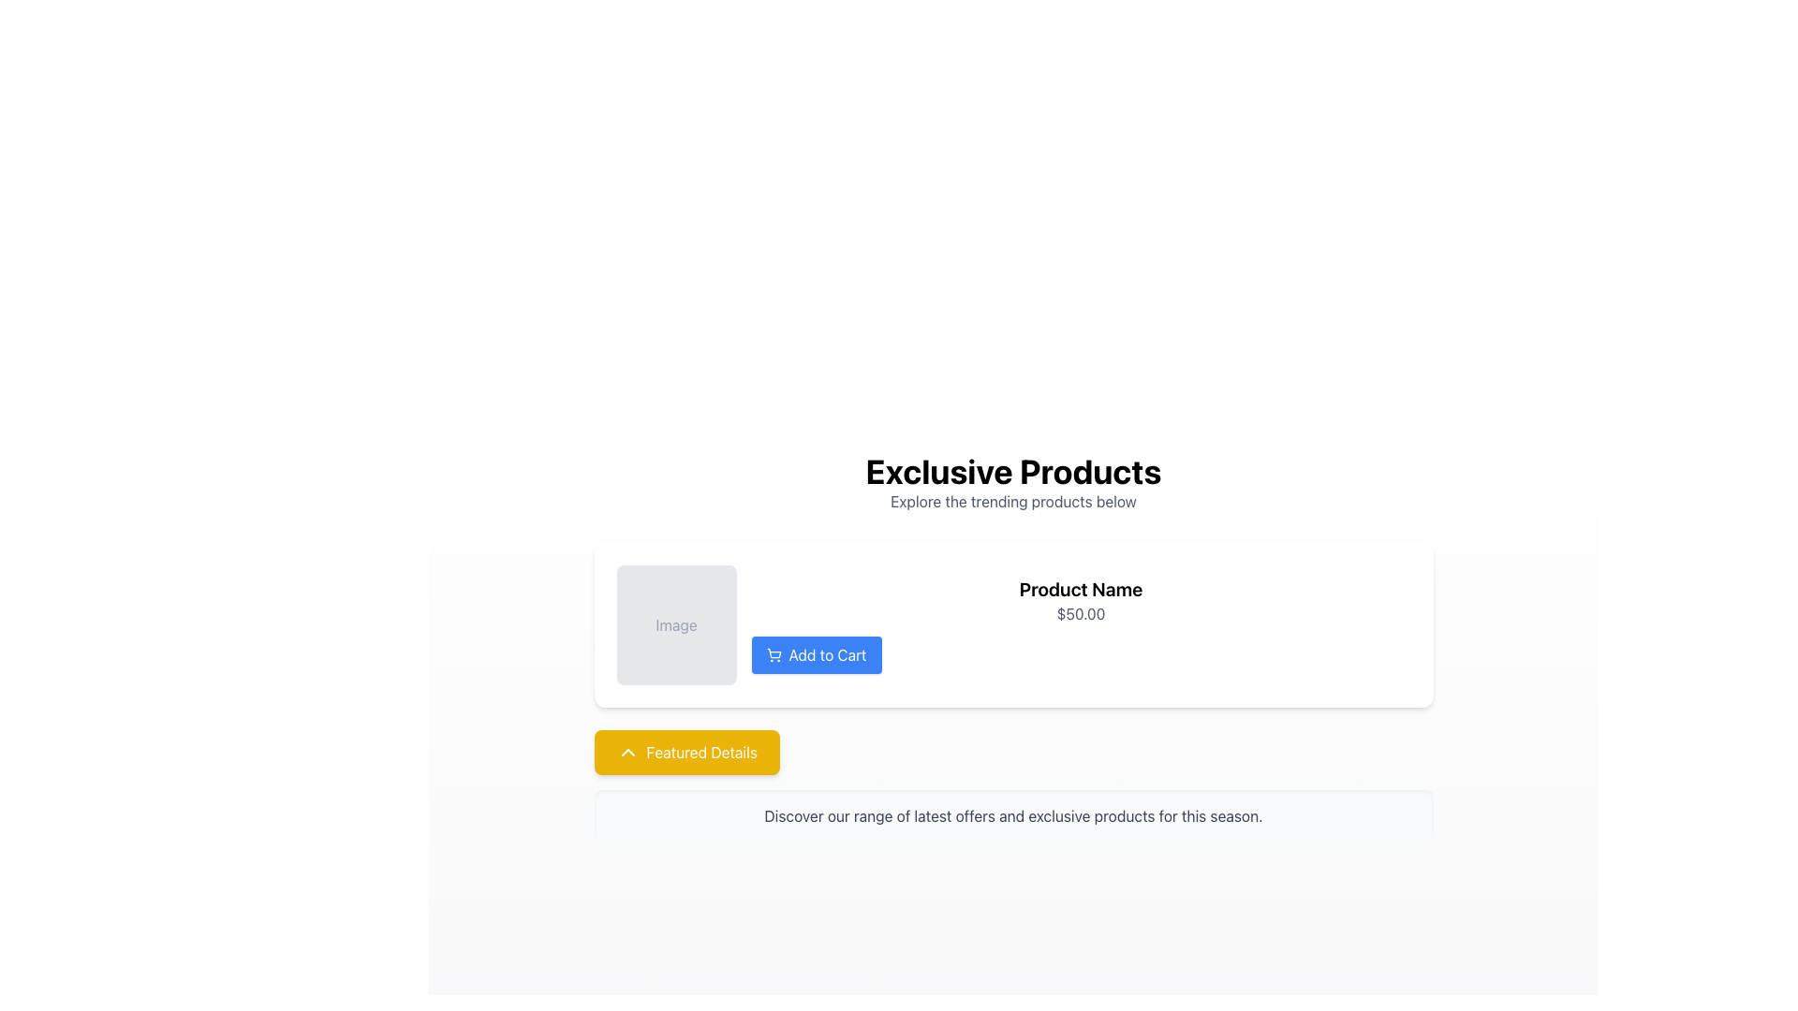 This screenshot has height=1011, width=1798. Describe the element at coordinates (1081, 613) in the screenshot. I see `the price display text label located within the product card, which is directly beneath the product title and above the 'Add to Cart' button` at that location.